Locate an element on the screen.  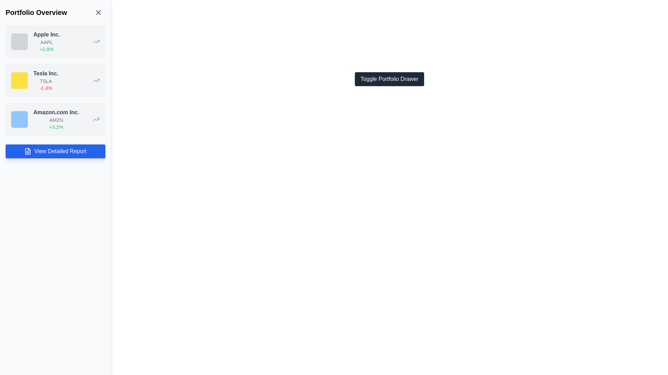
the document icon located in the bottom-left corner of the sidebar, which is part of the 'View Detailed Report' button area is located at coordinates (28, 151).